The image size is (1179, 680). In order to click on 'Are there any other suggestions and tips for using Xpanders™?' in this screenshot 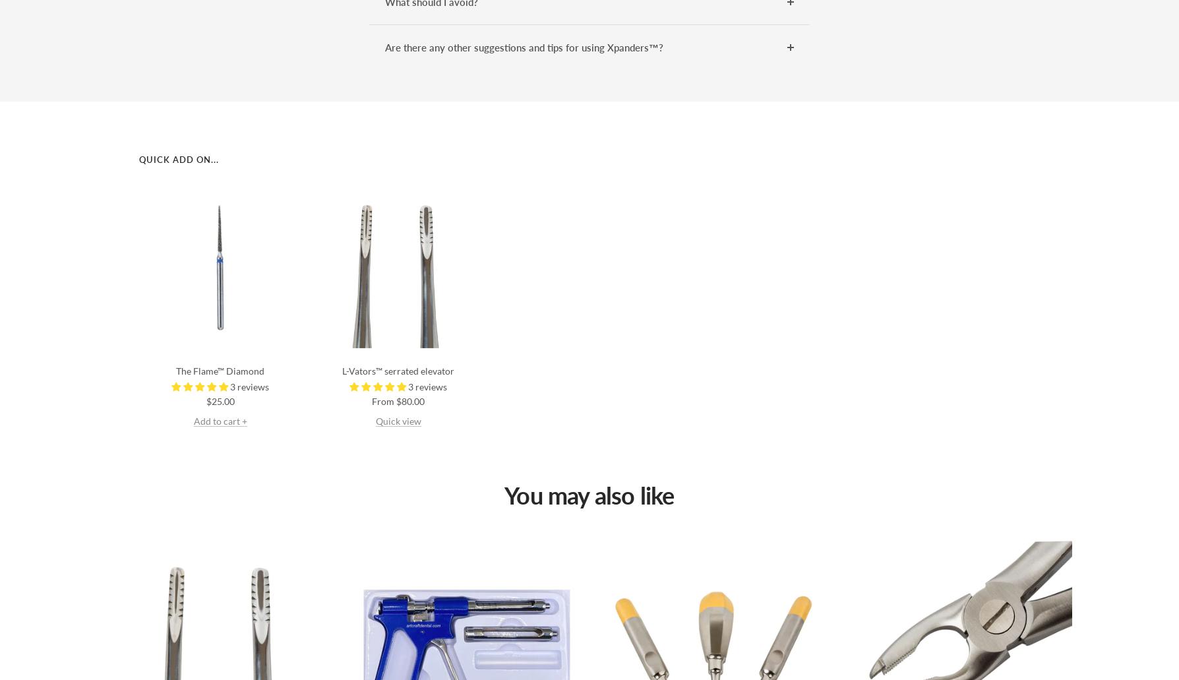, I will do `click(524, 47)`.